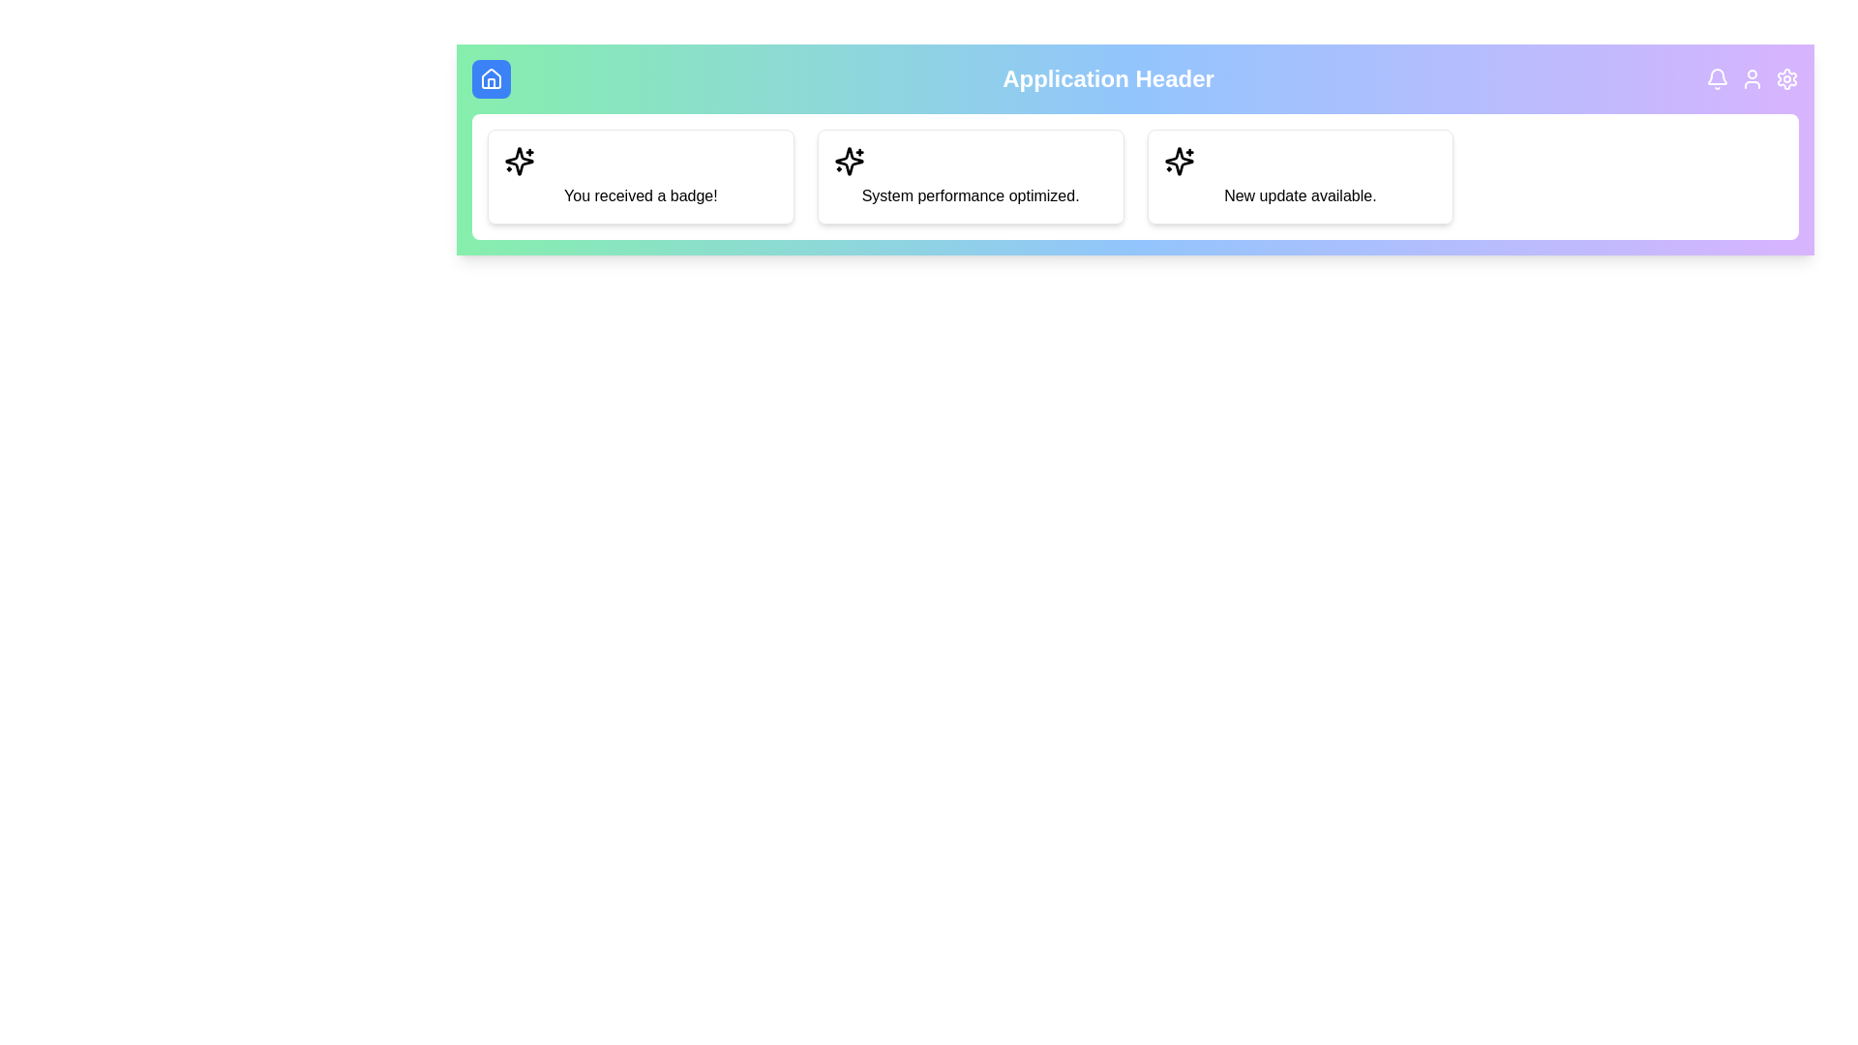 Image resolution: width=1858 pixels, height=1045 pixels. Describe the element at coordinates (1752, 77) in the screenshot. I see `the user profile button` at that location.